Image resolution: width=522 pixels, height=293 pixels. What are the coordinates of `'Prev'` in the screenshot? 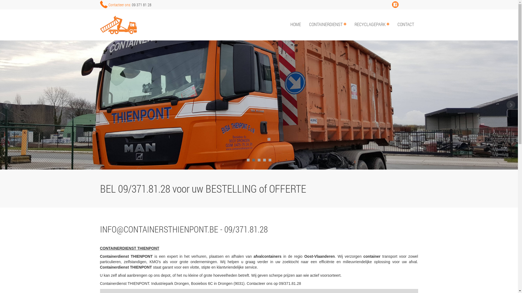 It's located at (7, 105).